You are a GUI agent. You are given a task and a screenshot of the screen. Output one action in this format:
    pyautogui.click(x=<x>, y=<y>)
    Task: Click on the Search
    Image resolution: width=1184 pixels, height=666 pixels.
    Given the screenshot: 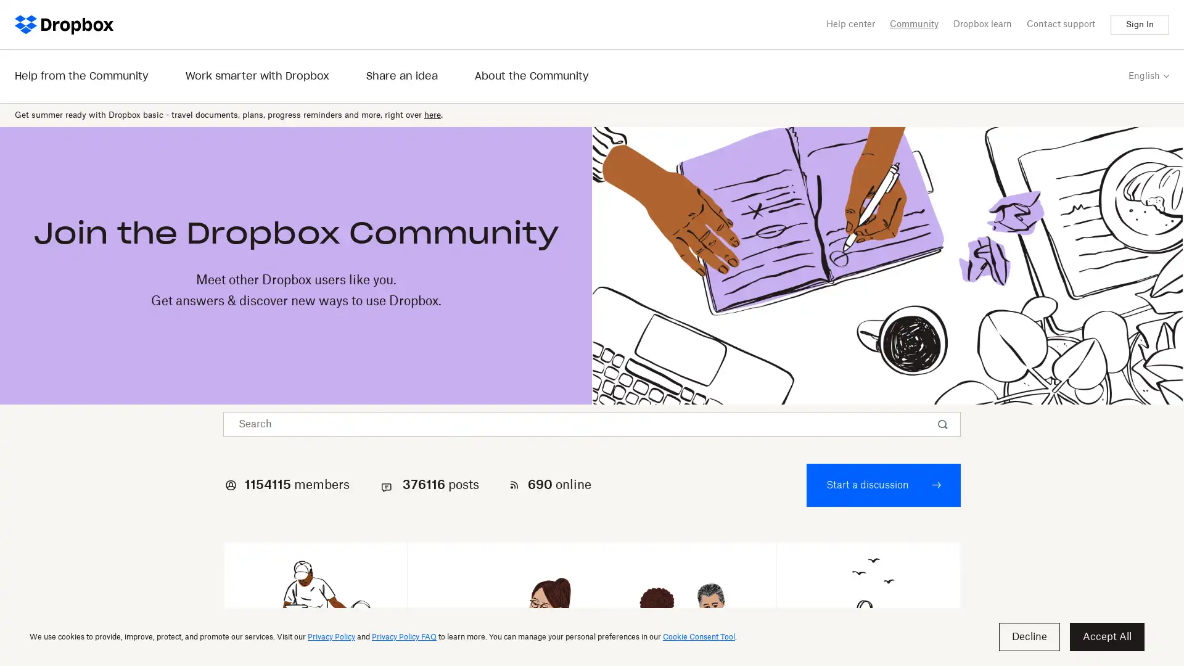 What is the action you would take?
    pyautogui.click(x=943, y=424)
    